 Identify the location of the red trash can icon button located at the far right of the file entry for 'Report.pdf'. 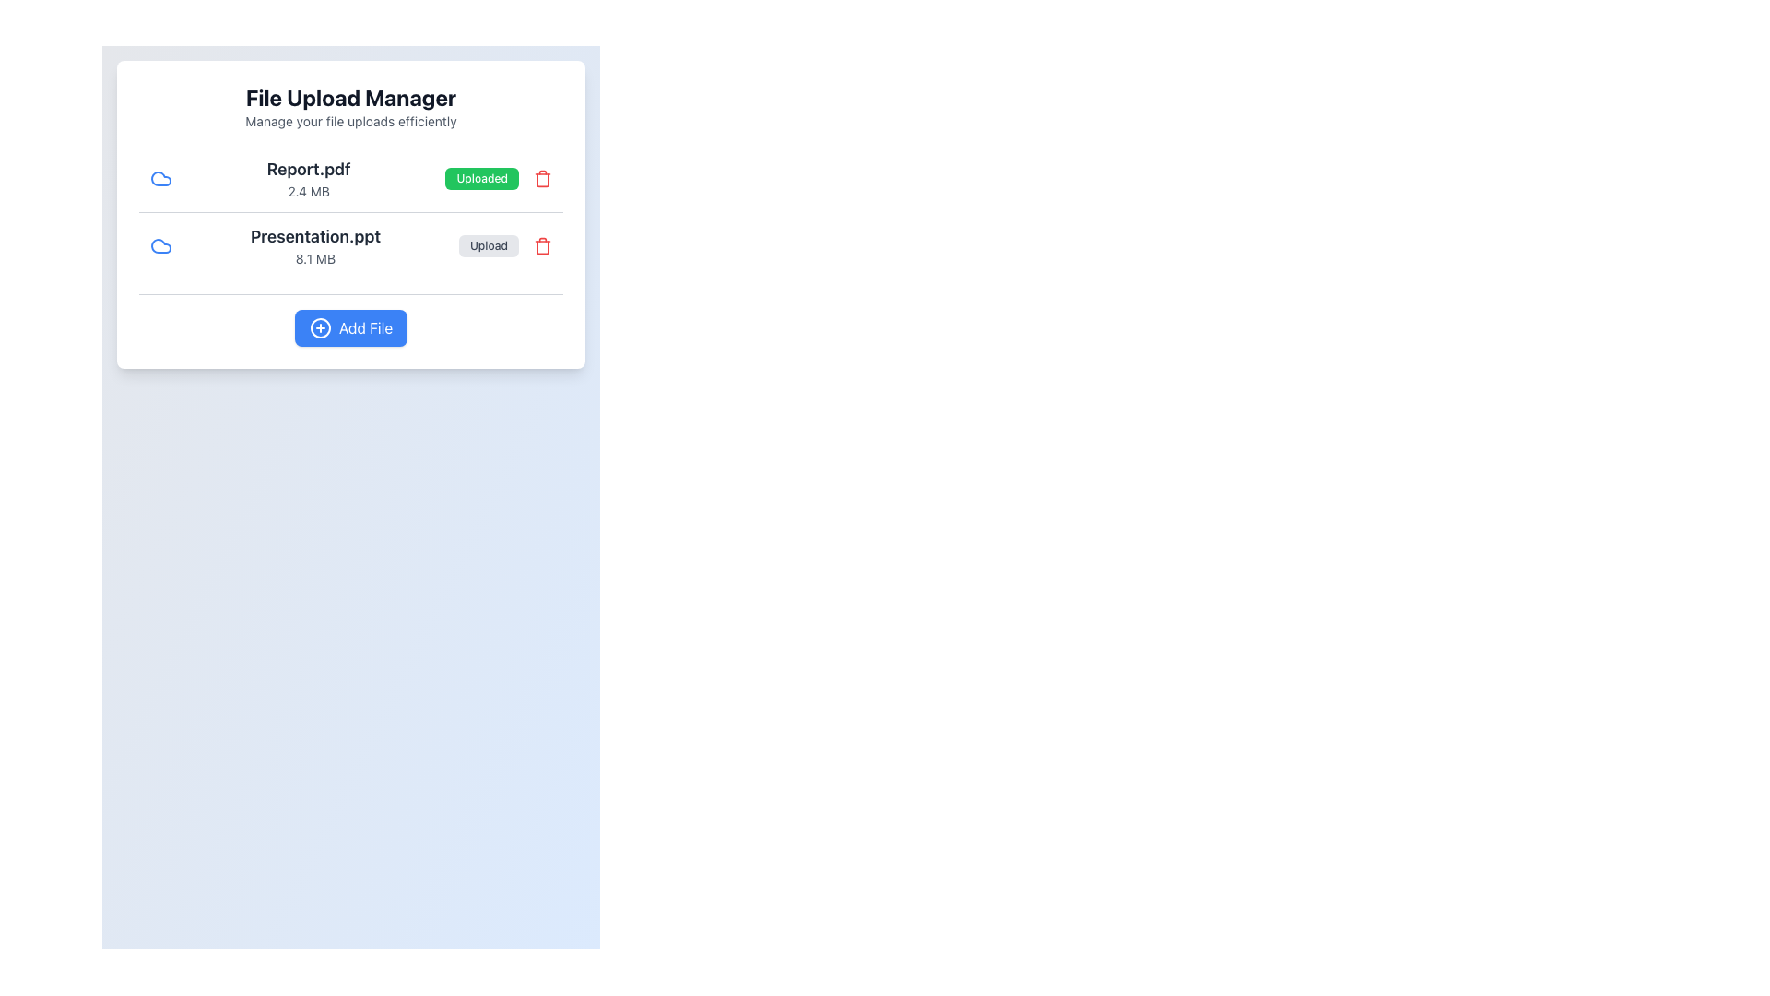
(542, 178).